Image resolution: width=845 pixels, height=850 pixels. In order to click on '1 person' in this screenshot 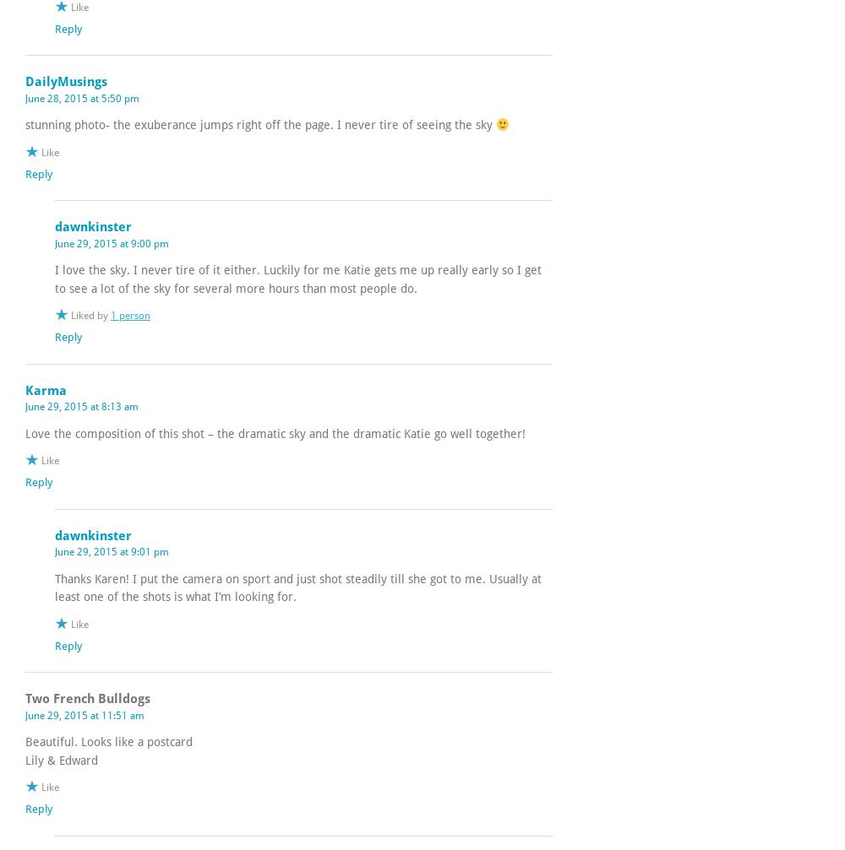, I will do `click(130, 315)`.